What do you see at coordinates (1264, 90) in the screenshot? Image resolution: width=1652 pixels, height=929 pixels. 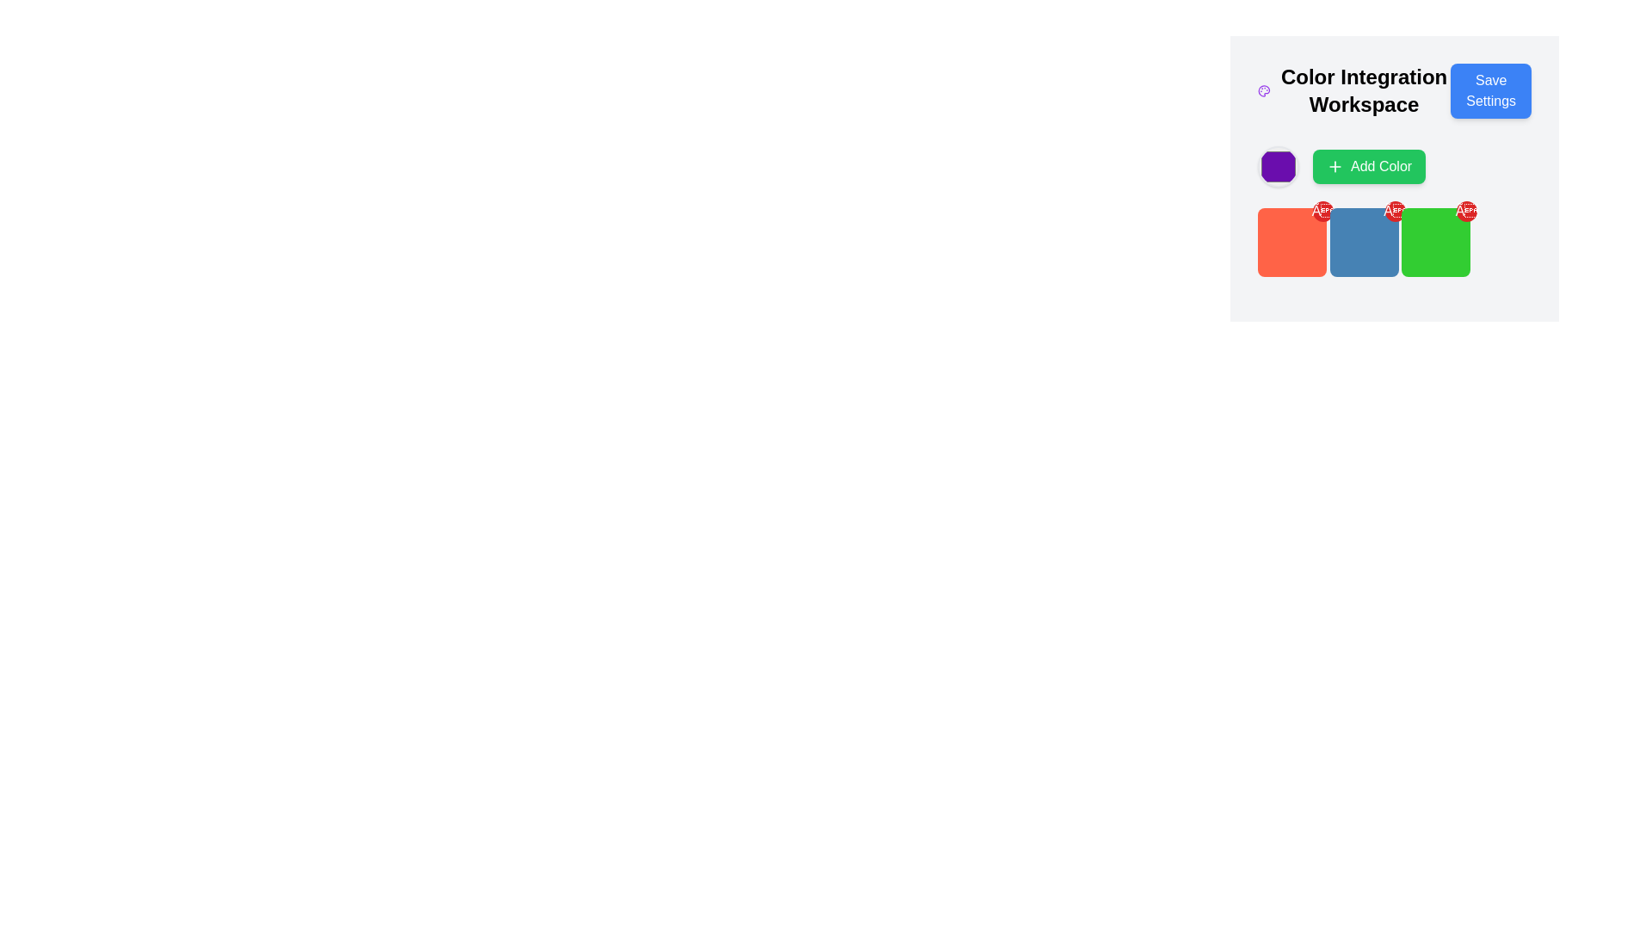 I see `the color palette icon located in the upper-left section of the interface, near the title 'Color Integration Workspace'` at bounding box center [1264, 90].